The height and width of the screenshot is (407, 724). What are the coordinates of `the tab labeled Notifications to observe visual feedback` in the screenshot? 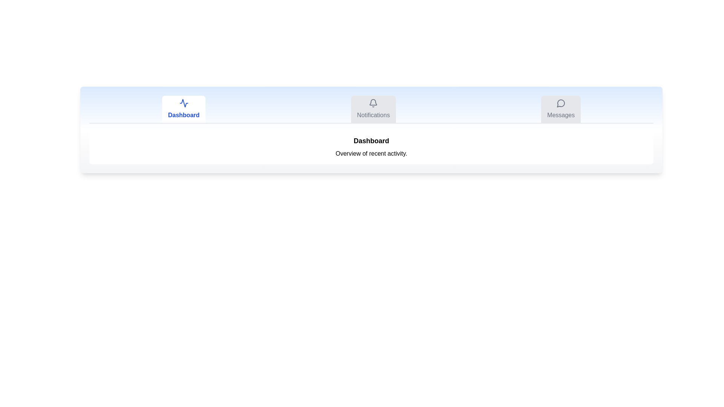 It's located at (373, 109).